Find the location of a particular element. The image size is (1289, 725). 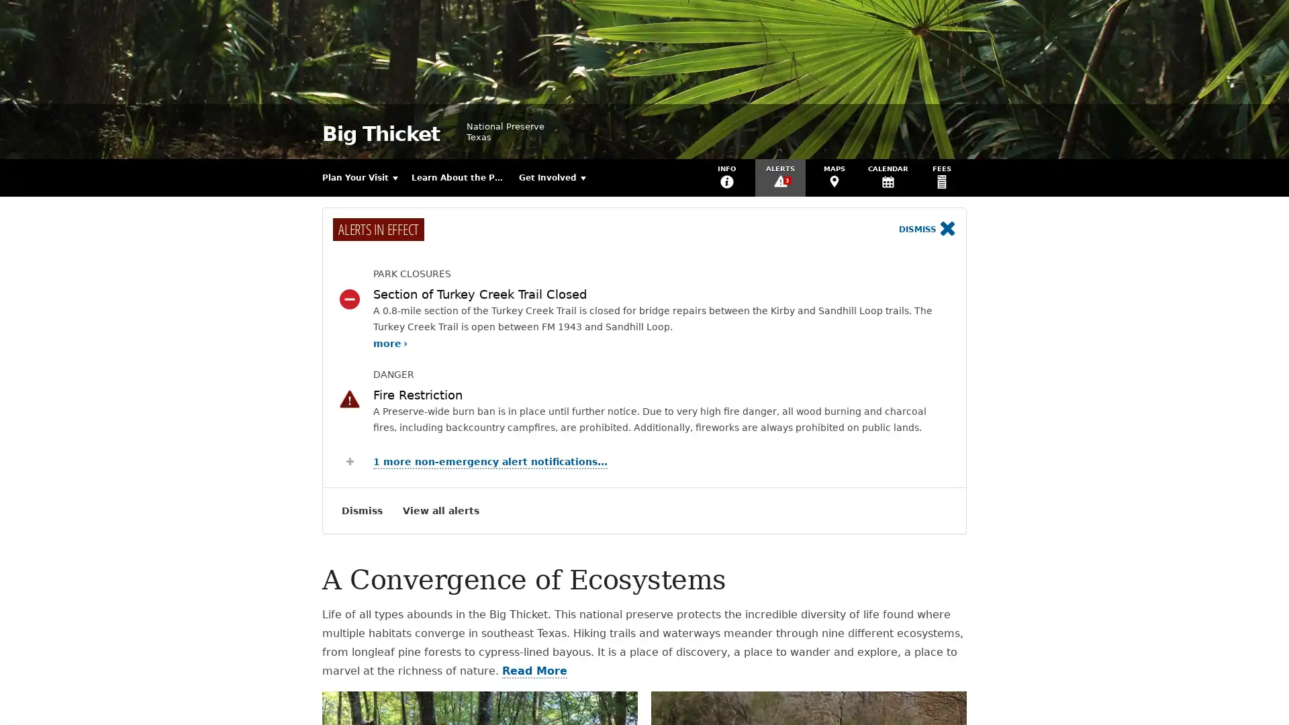

Dismiss Alerts Notification is located at coordinates (362, 510).